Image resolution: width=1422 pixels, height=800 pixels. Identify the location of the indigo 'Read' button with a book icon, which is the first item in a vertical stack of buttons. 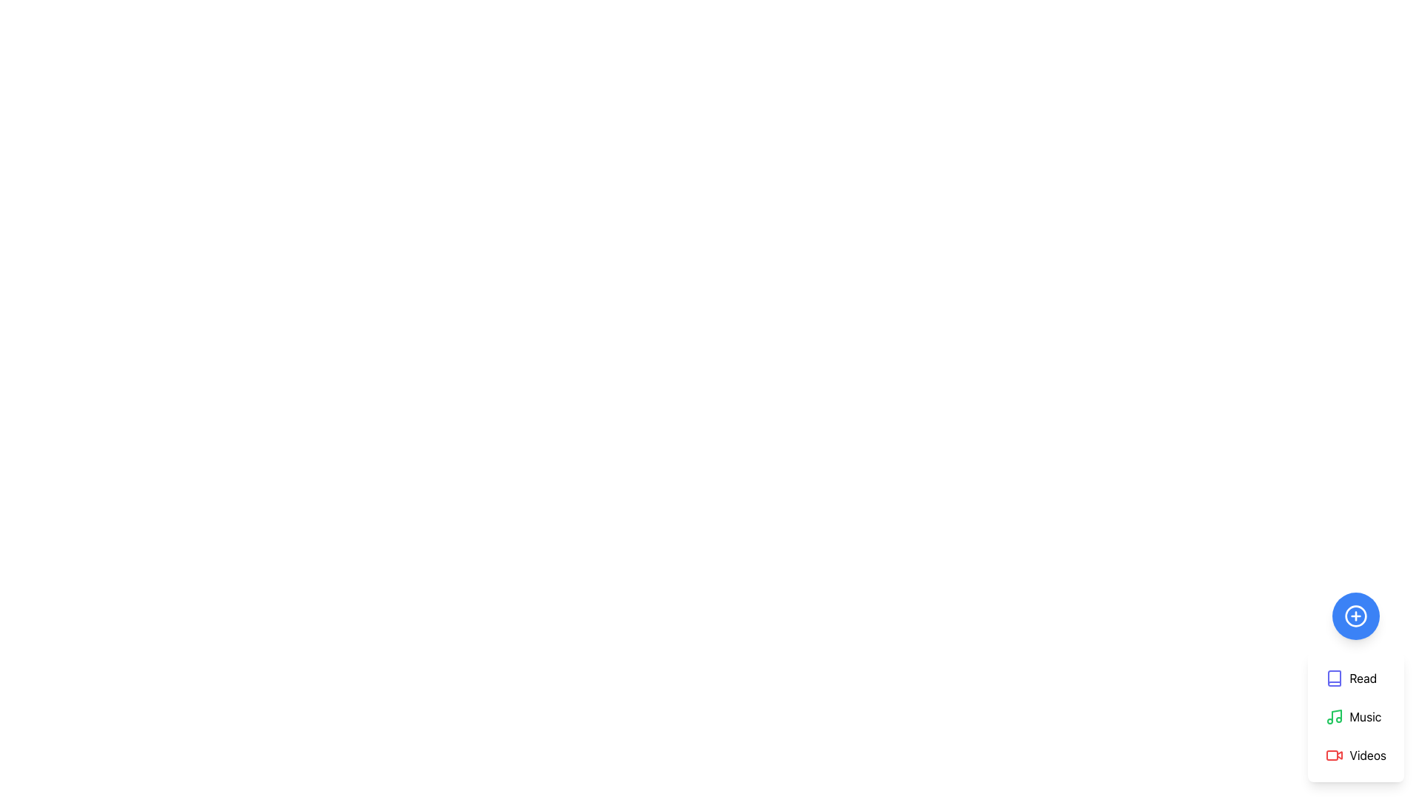
(1356, 678).